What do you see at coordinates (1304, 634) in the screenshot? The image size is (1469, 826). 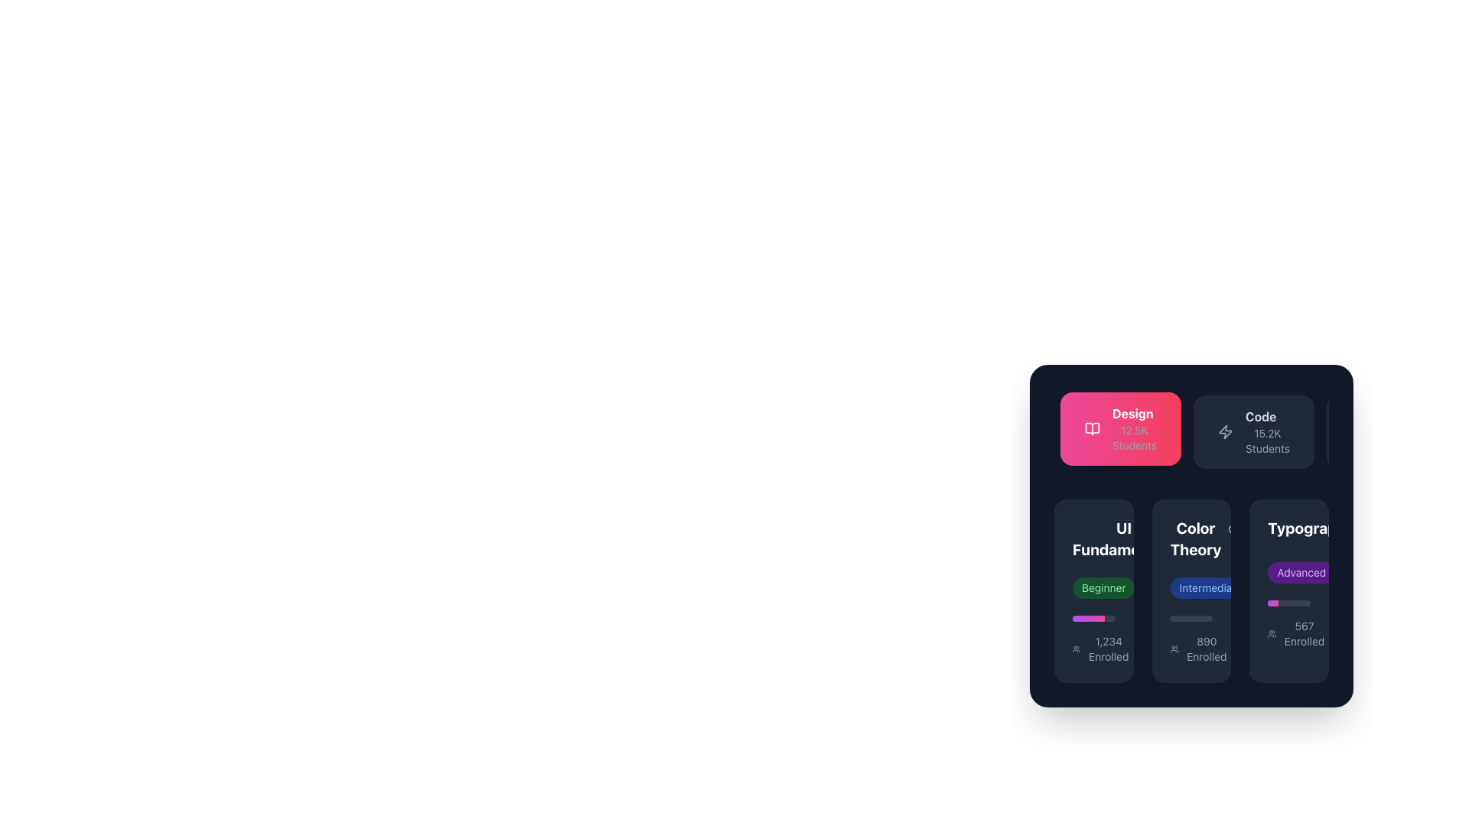 I see `the text label displaying '567 Enrolled', which is styled in white against a dark background, located at the bottom-right corner of the 'Typography' card` at bounding box center [1304, 634].